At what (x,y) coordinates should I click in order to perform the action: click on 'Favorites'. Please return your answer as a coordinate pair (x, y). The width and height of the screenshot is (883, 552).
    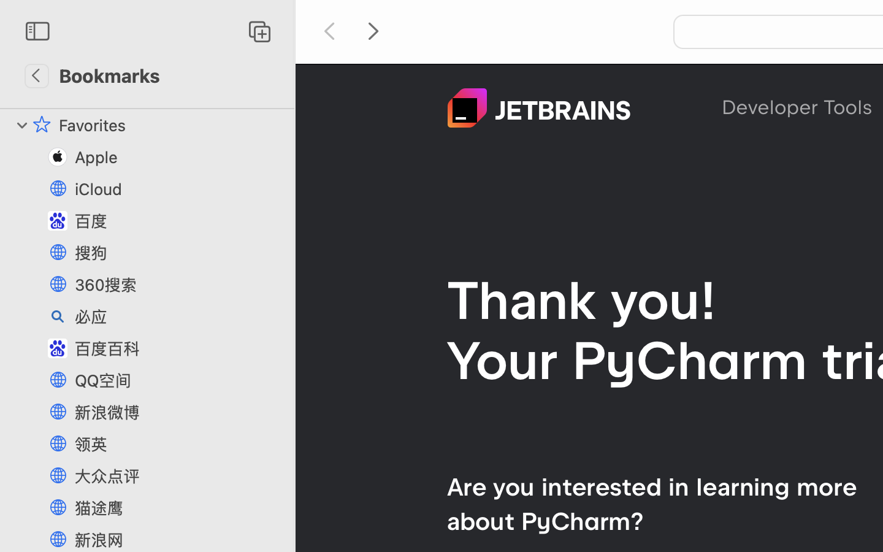
    Looking at the image, I should click on (170, 125).